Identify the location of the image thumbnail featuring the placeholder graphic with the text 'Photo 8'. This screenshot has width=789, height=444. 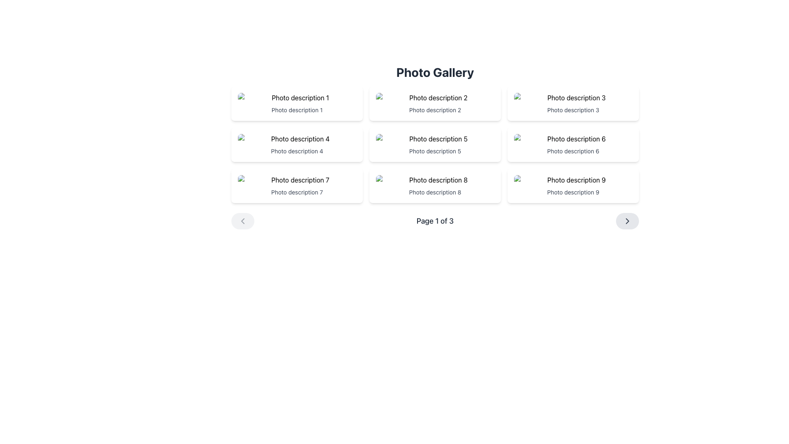
(435, 180).